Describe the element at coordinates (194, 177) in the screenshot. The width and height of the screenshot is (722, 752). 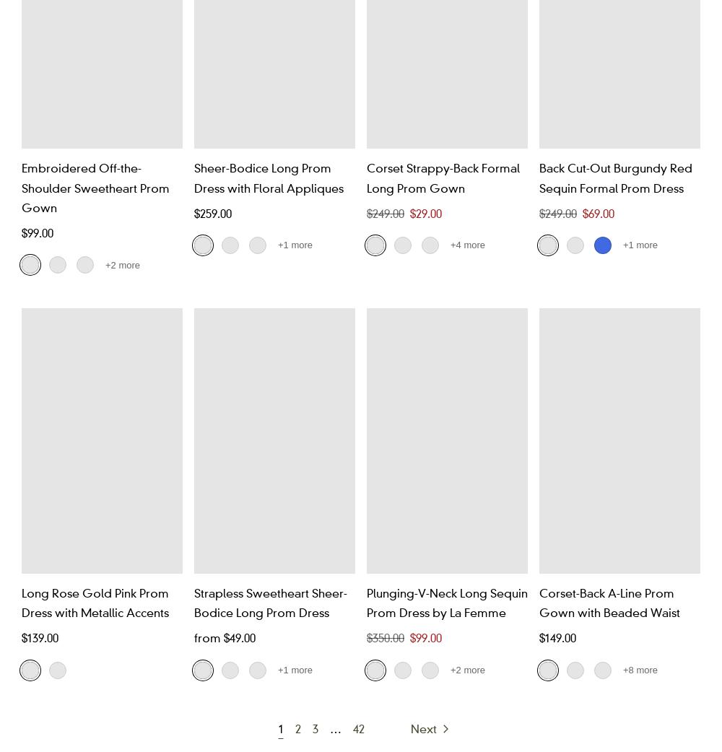
I see `'Sheer-Bodice Long Prom Dress with Floral Appliques'` at that location.